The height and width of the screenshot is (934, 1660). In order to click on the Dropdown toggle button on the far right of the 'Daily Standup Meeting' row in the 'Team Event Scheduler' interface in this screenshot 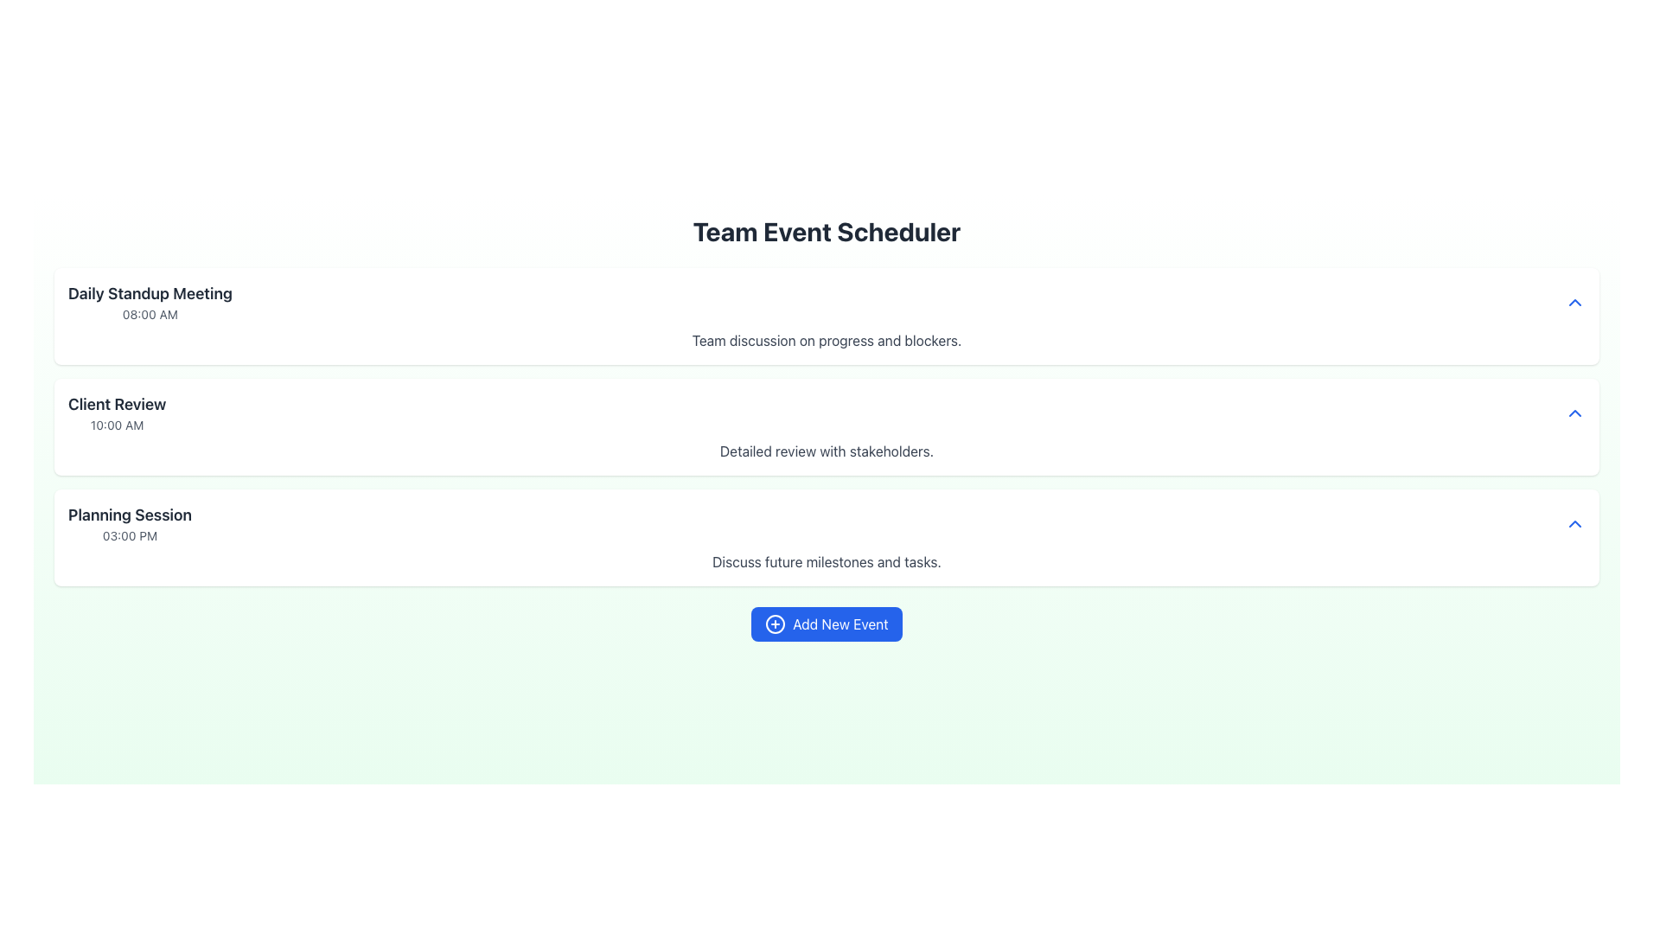, I will do `click(1575, 302)`.